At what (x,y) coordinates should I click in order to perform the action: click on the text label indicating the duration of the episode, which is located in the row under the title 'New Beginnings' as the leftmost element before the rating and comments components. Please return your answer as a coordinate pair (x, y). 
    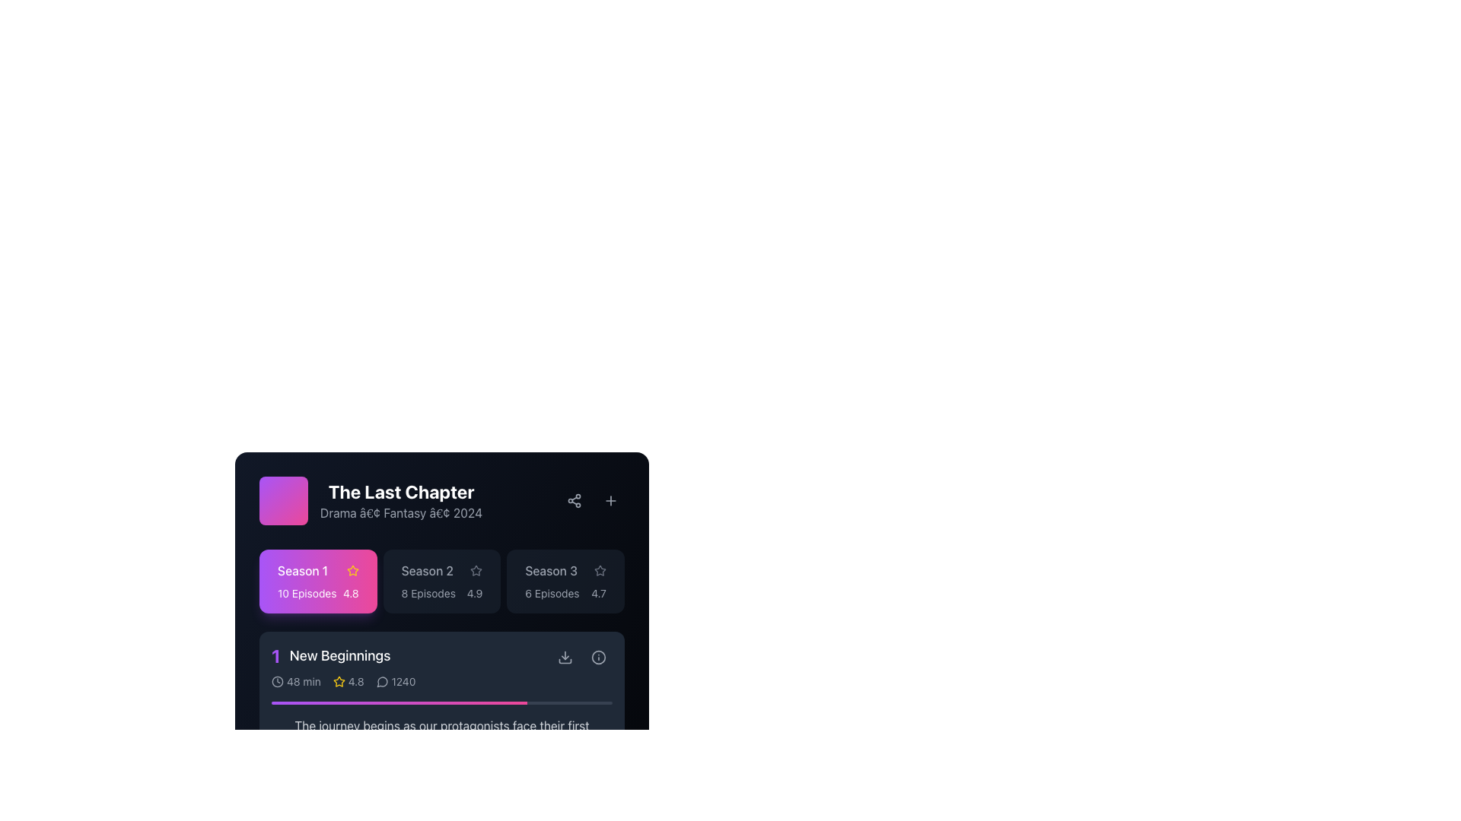
    Looking at the image, I should click on (296, 681).